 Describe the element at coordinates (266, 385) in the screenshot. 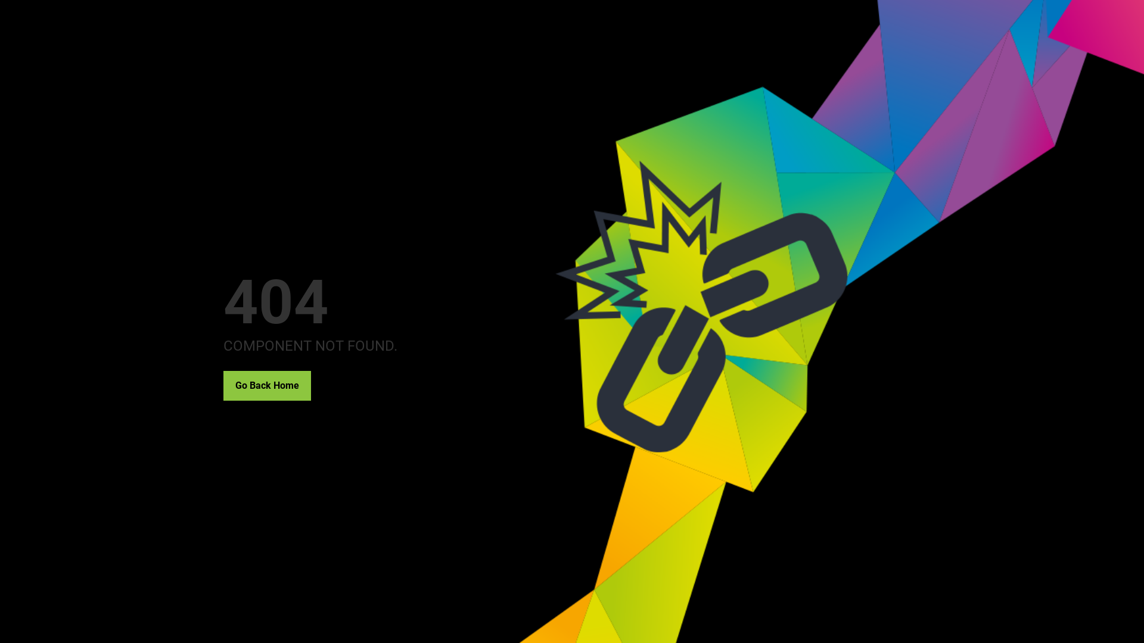

I see `'Go Back Home'` at that location.